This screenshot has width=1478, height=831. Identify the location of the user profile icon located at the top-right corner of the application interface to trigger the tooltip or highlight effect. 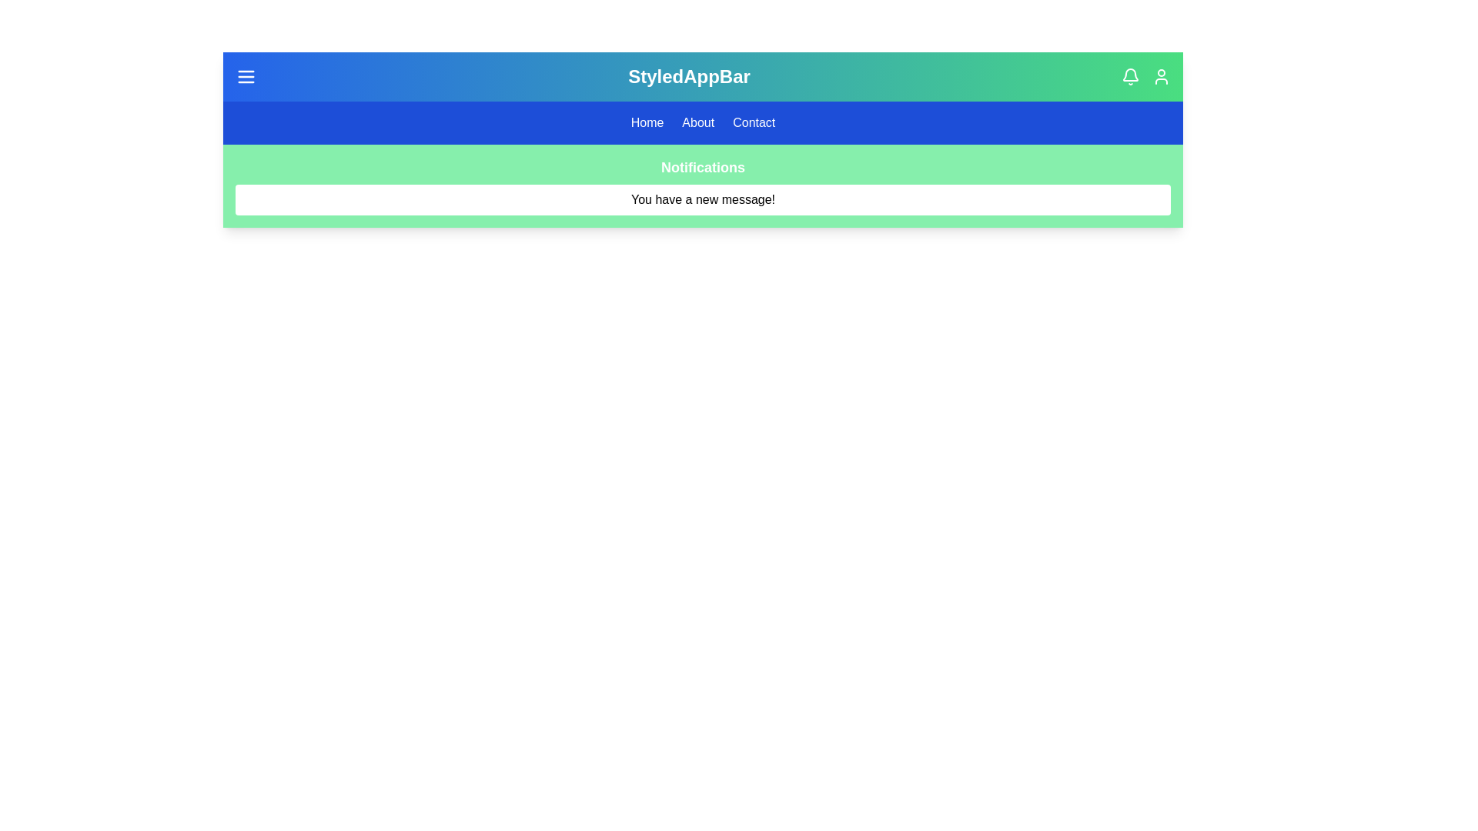
(1161, 77).